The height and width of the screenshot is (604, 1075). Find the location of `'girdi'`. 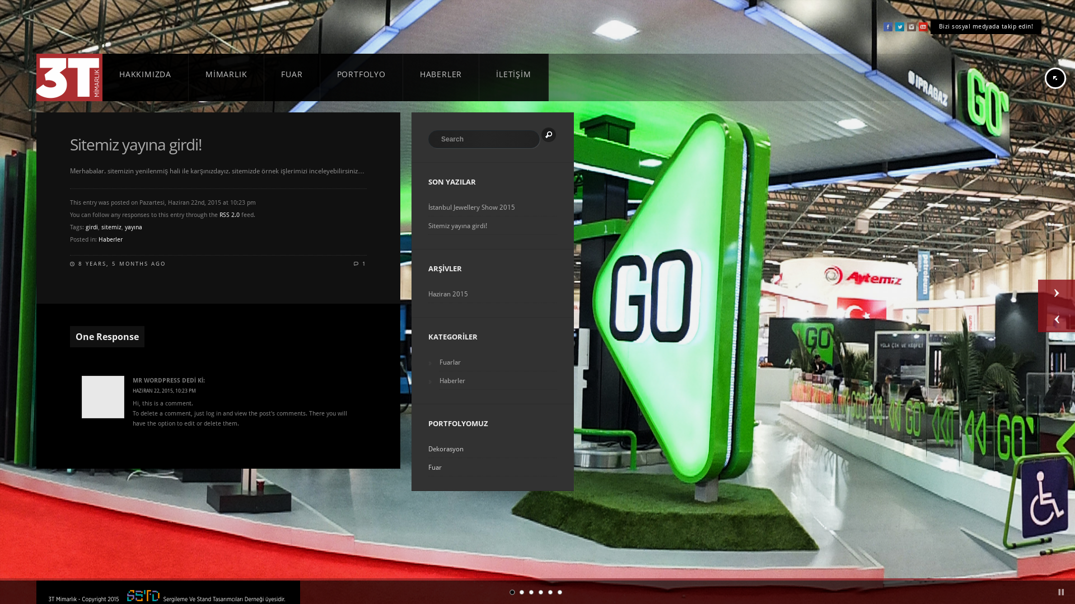

'girdi' is located at coordinates (91, 226).